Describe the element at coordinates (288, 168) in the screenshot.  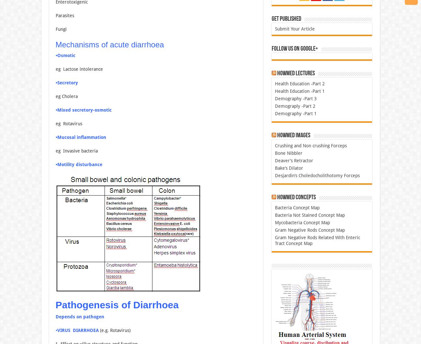
I see `'Bake’s Dilator'` at that location.